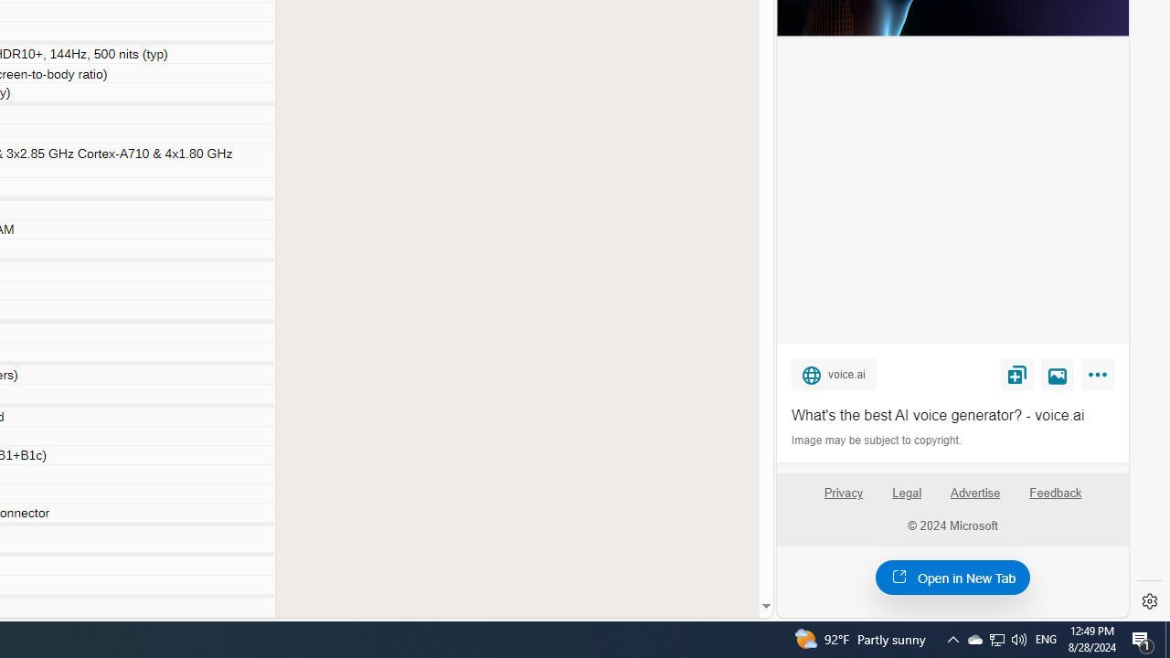  What do you see at coordinates (1016, 373) in the screenshot?
I see `'Save'` at bounding box center [1016, 373].